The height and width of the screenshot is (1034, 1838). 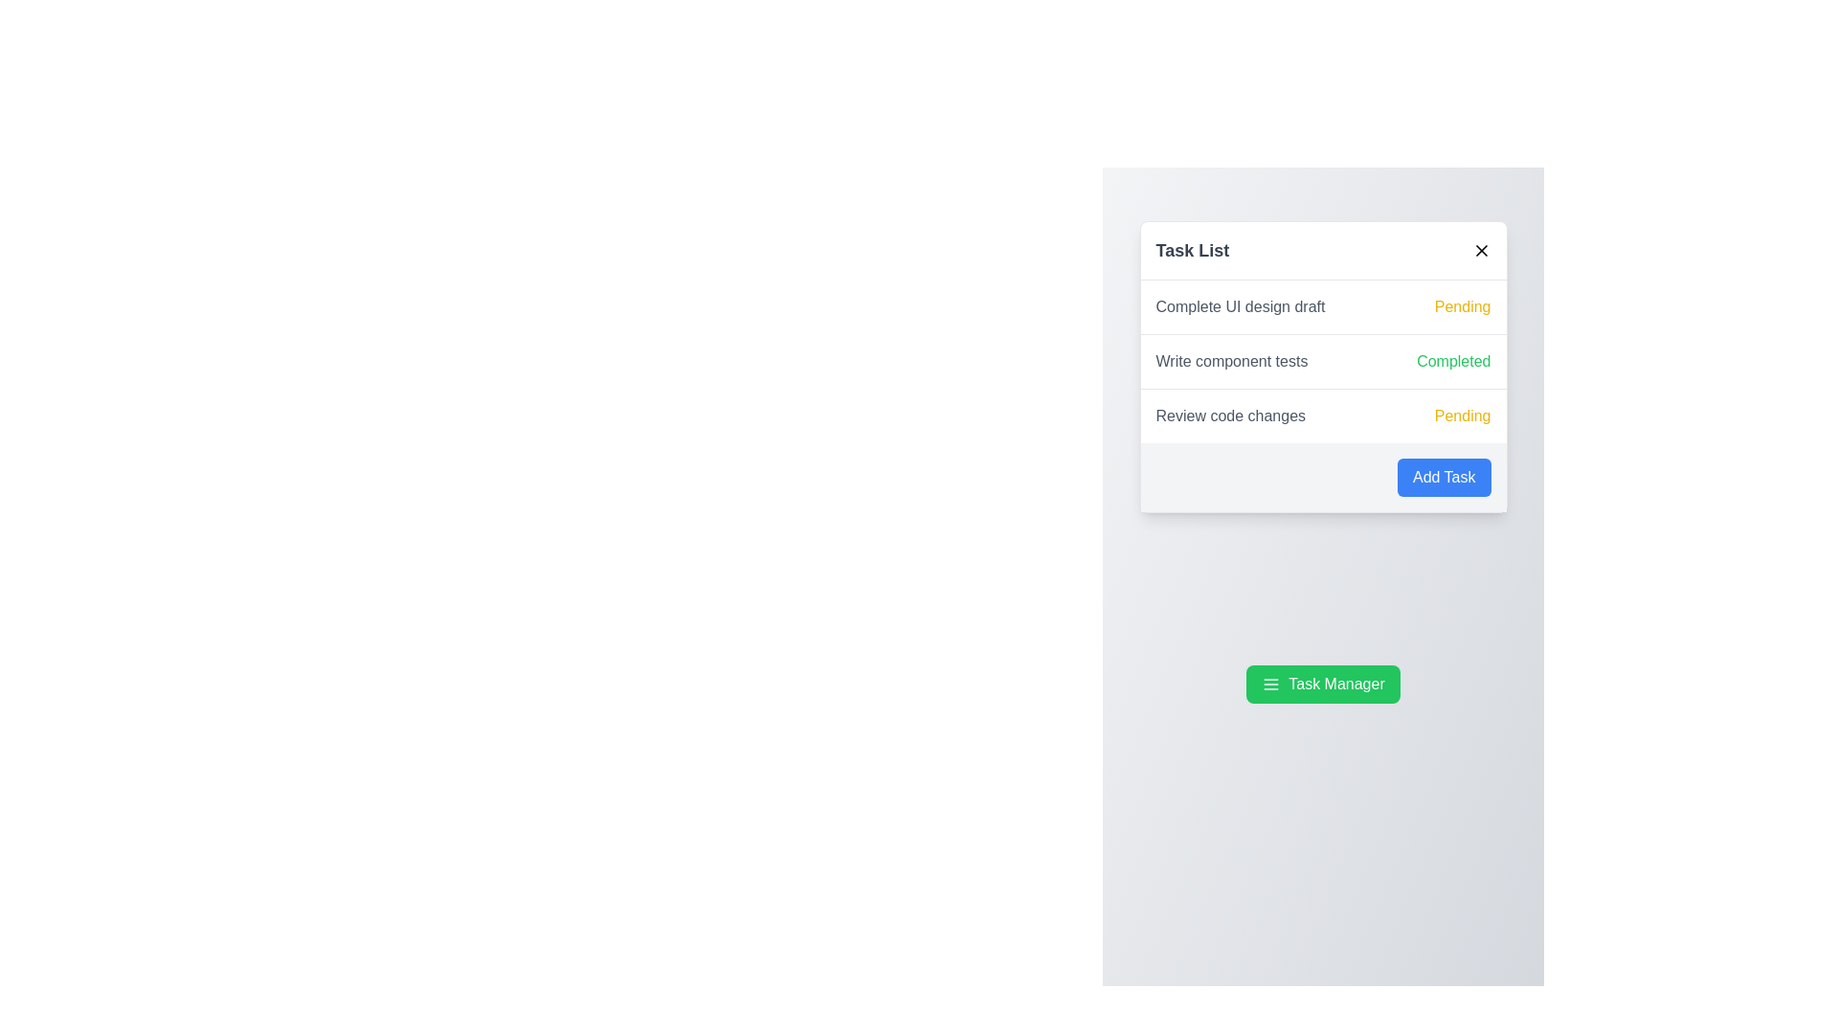 What do you see at coordinates (1444, 476) in the screenshot?
I see `the 'Add Task' button located at the bottom-right corner of the 'Task List' card` at bounding box center [1444, 476].